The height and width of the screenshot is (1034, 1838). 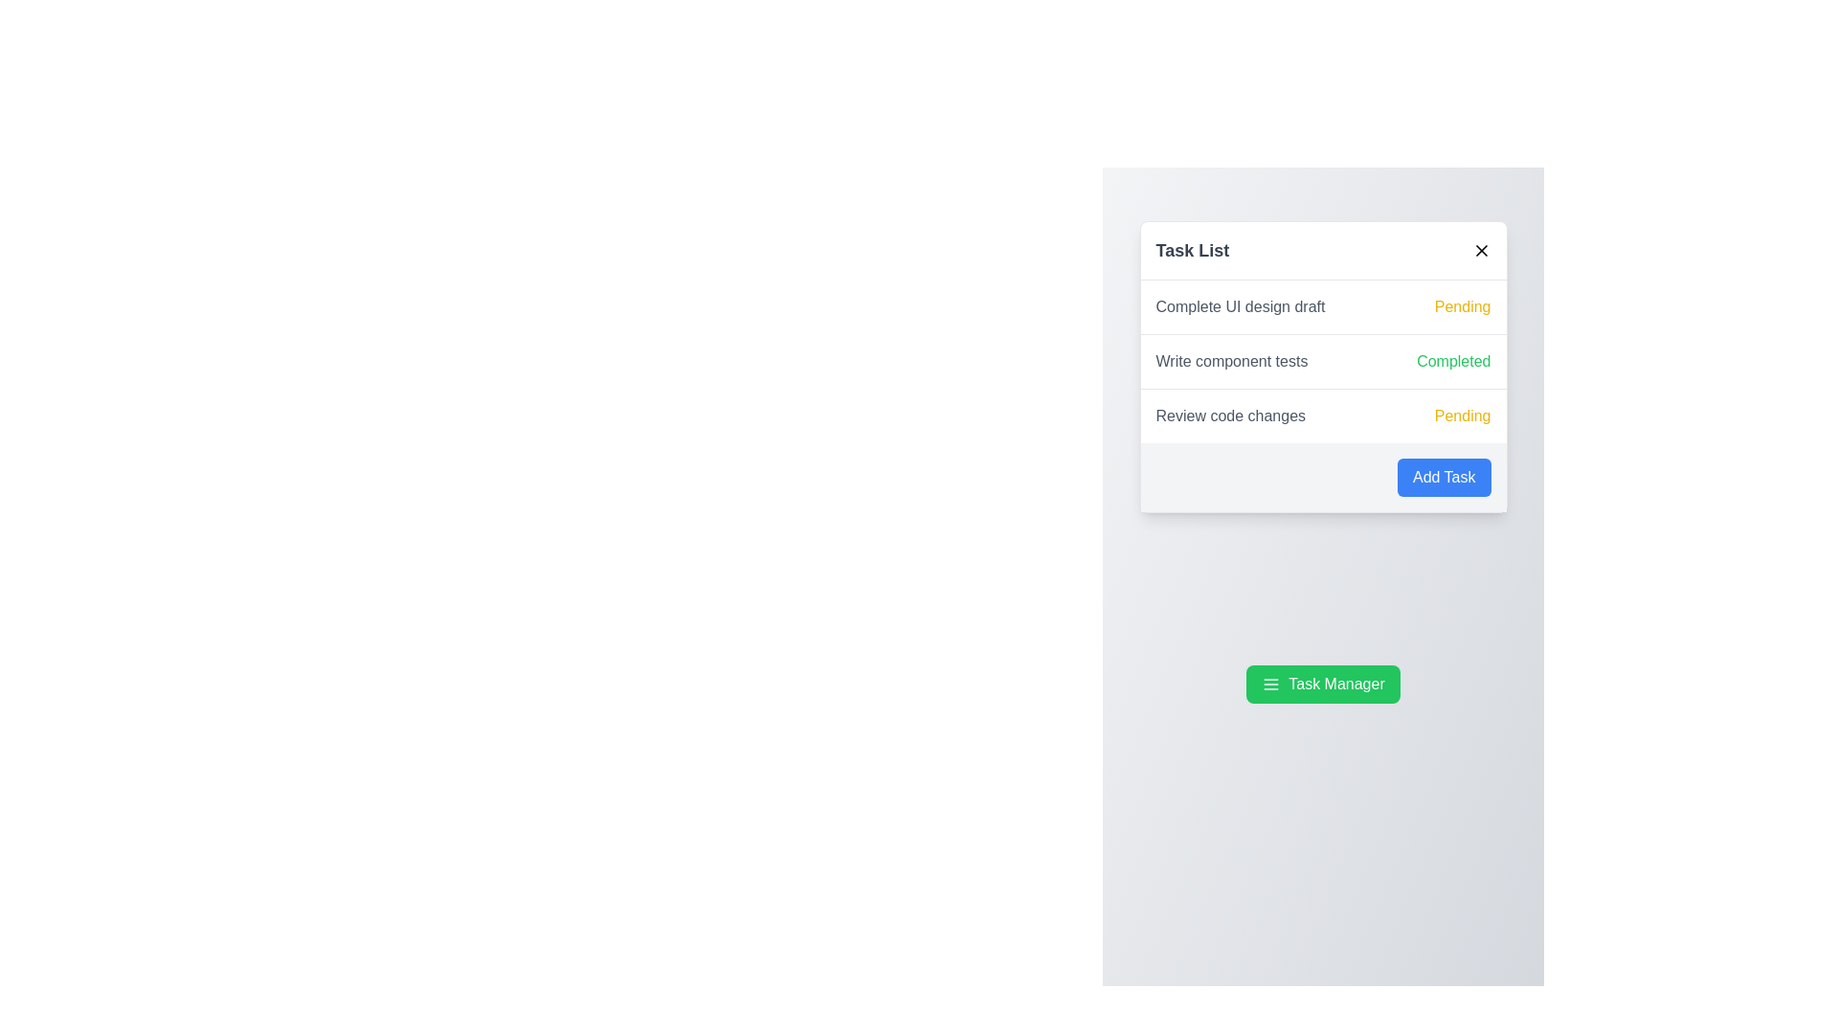 What do you see at coordinates (1444, 476) in the screenshot?
I see `the 'Add Task' button located at the bottom-right corner of the 'Task List' card` at bounding box center [1444, 476].